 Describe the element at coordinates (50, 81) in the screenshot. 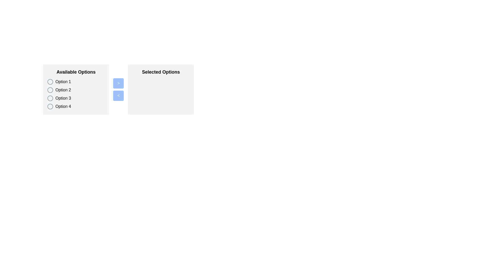

I see `the first circular marker of the radio button group labeled 'Option 1'` at that location.